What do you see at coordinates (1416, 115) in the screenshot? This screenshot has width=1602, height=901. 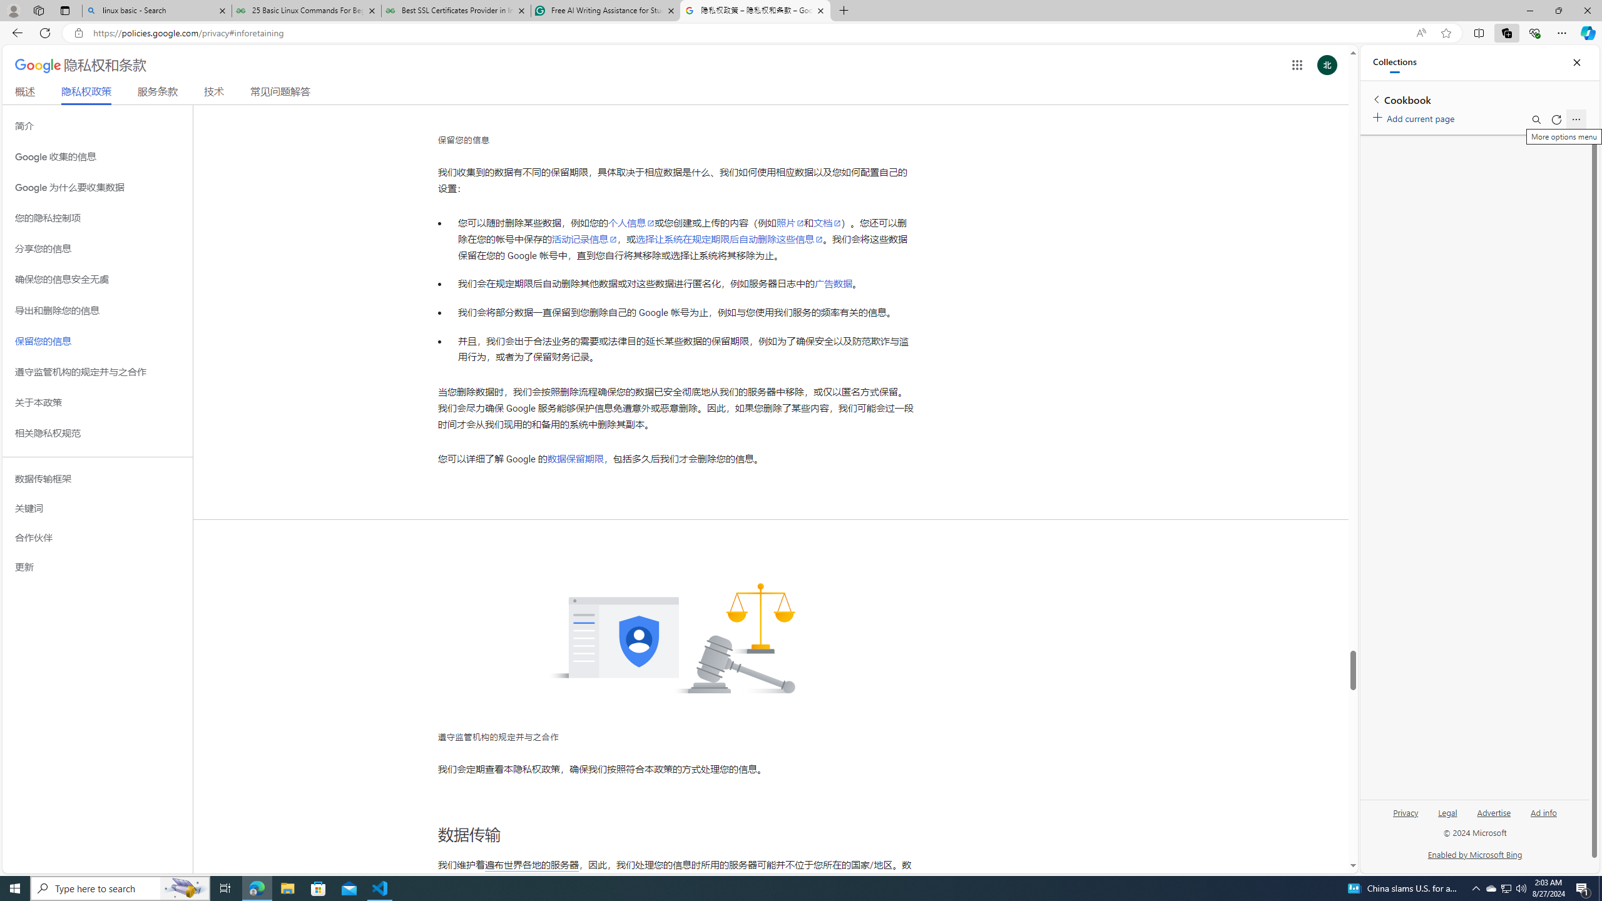 I see `'Add current page'` at bounding box center [1416, 115].